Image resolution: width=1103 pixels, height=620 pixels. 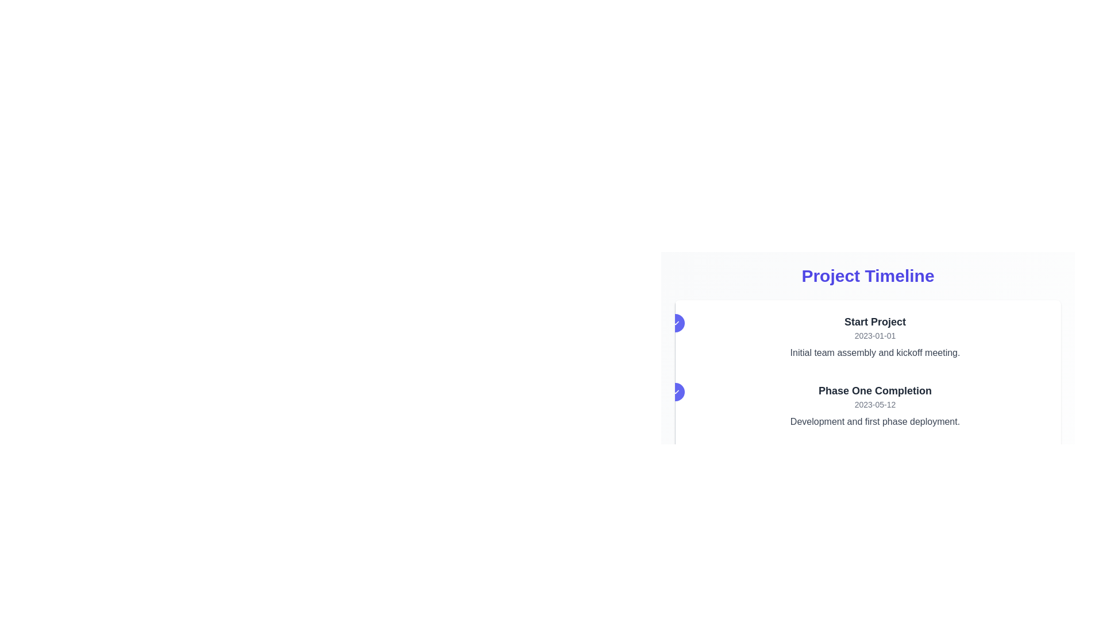 I want to click on the text label element providing additional details for the timeline event tagged as 'Start Project', located below the title and date in the 'Project Timeline' section, so click(x=874, y=352).